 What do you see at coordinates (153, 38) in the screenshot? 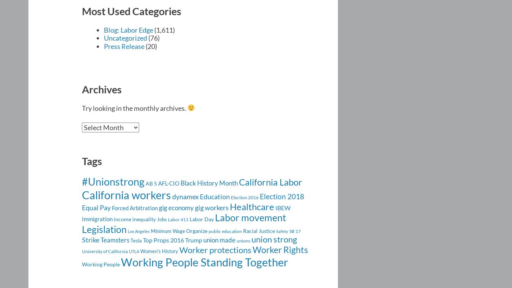
I see `'(76)'` at bounding box center [153, 38].